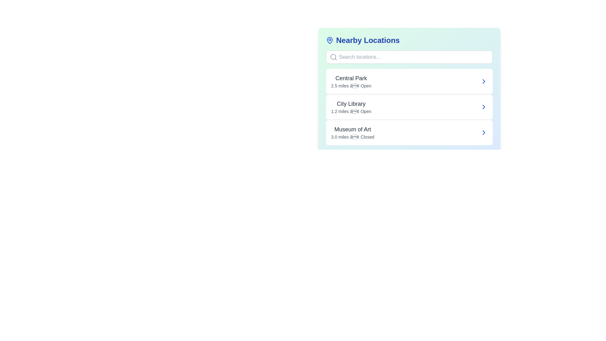 The width and height of the screenshot is (606, 341). I want to click on the 'City Library' text label, which is a bold, medium-sized dark gray font located in the second list item of the 'Nearby Locations' section, so click(351, 103).